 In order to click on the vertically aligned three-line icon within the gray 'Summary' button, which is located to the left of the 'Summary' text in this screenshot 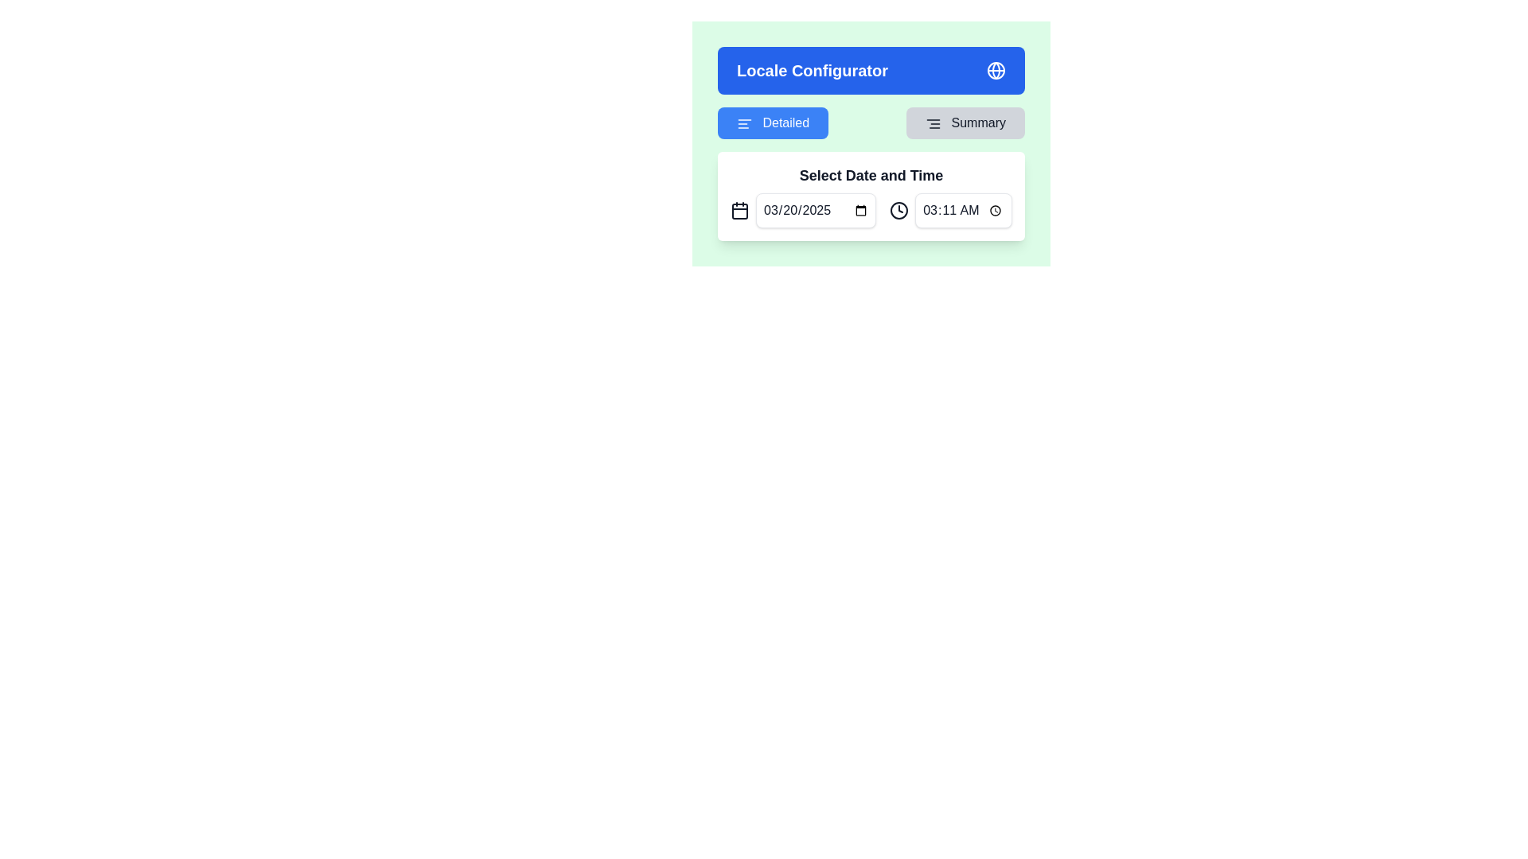, I will do `click(934, 122)`.